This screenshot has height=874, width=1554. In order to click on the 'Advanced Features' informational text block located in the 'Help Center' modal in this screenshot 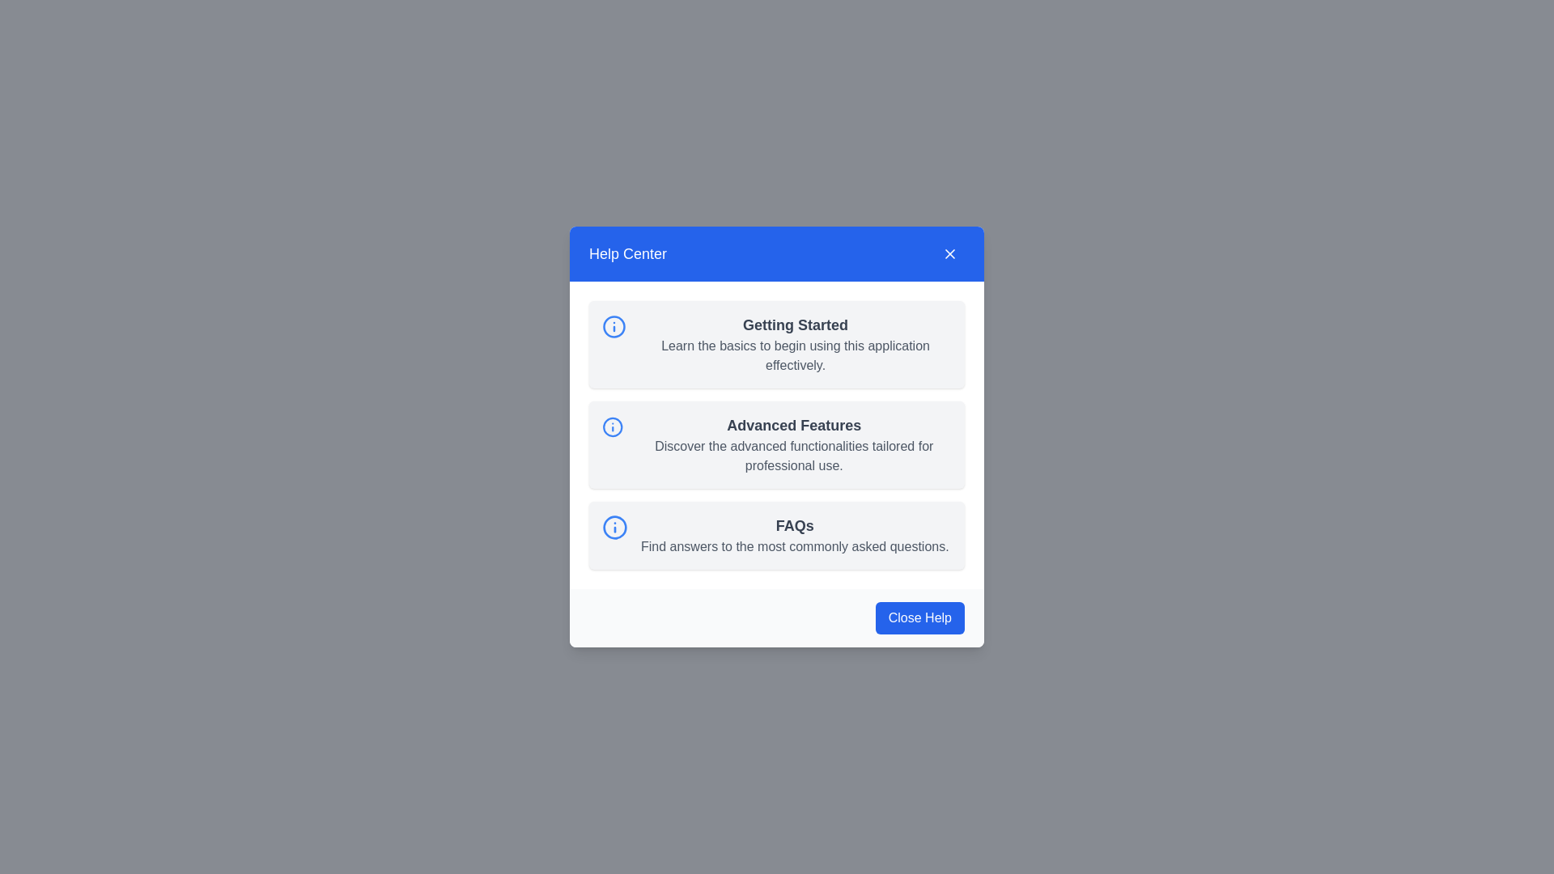, I will do `click(794, 445)`.